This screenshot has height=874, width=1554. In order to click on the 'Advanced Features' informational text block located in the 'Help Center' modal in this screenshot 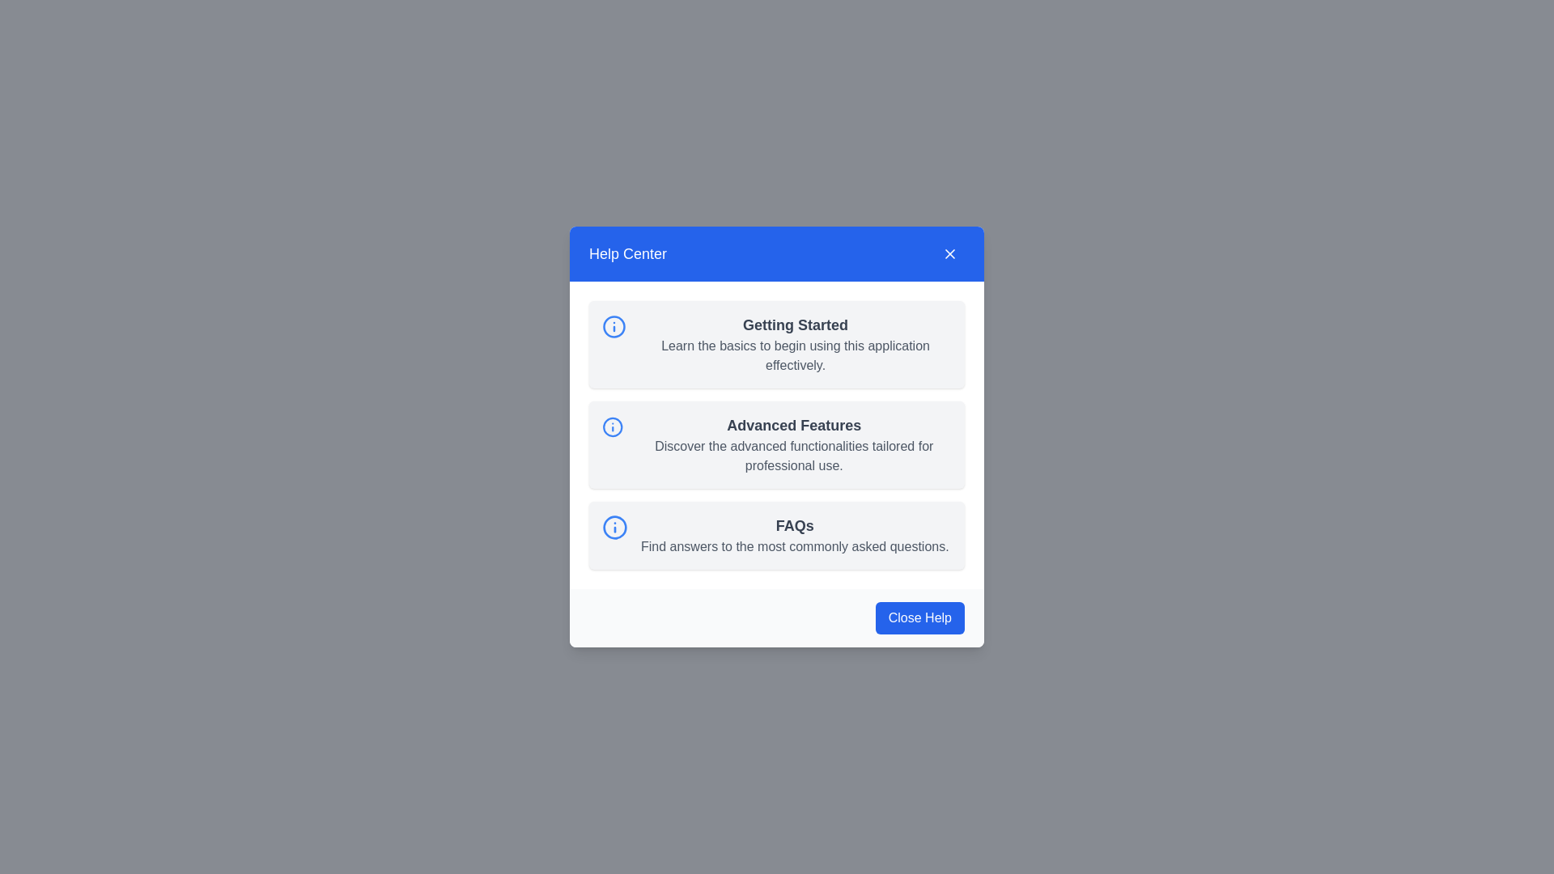, I will do `click(794, 445)`.